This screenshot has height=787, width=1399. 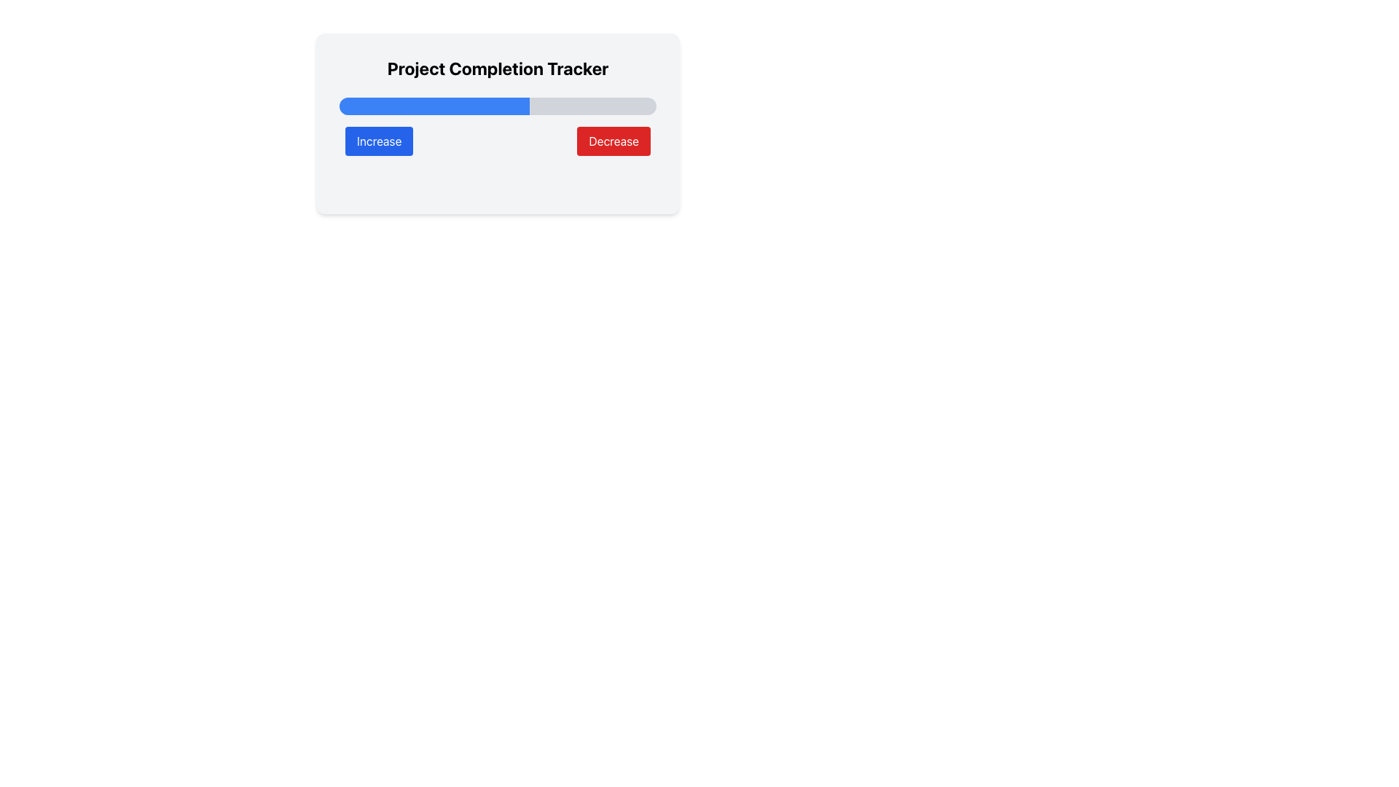 What do you see at coordinates (498, 68) in the screenshot?
I see `title text indicating the purpose of the interface for tracking project completion, which is positioned at the top of the card-like structure` at bounding box center [498, 68].